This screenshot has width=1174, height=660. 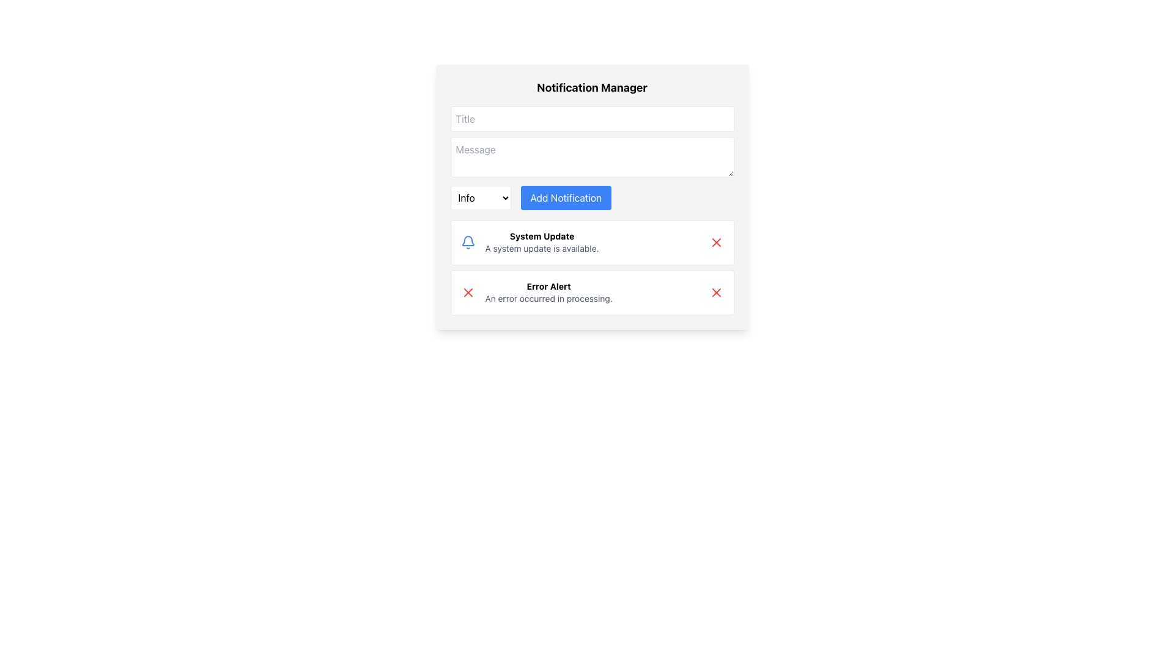 What do you see at coordinates (592, 197) in the screenshot?
I see `the 'Add Notification' button, which is positioned centrally below the 'Message' text area and above the list of notifications` at bounding box center [592, 197].